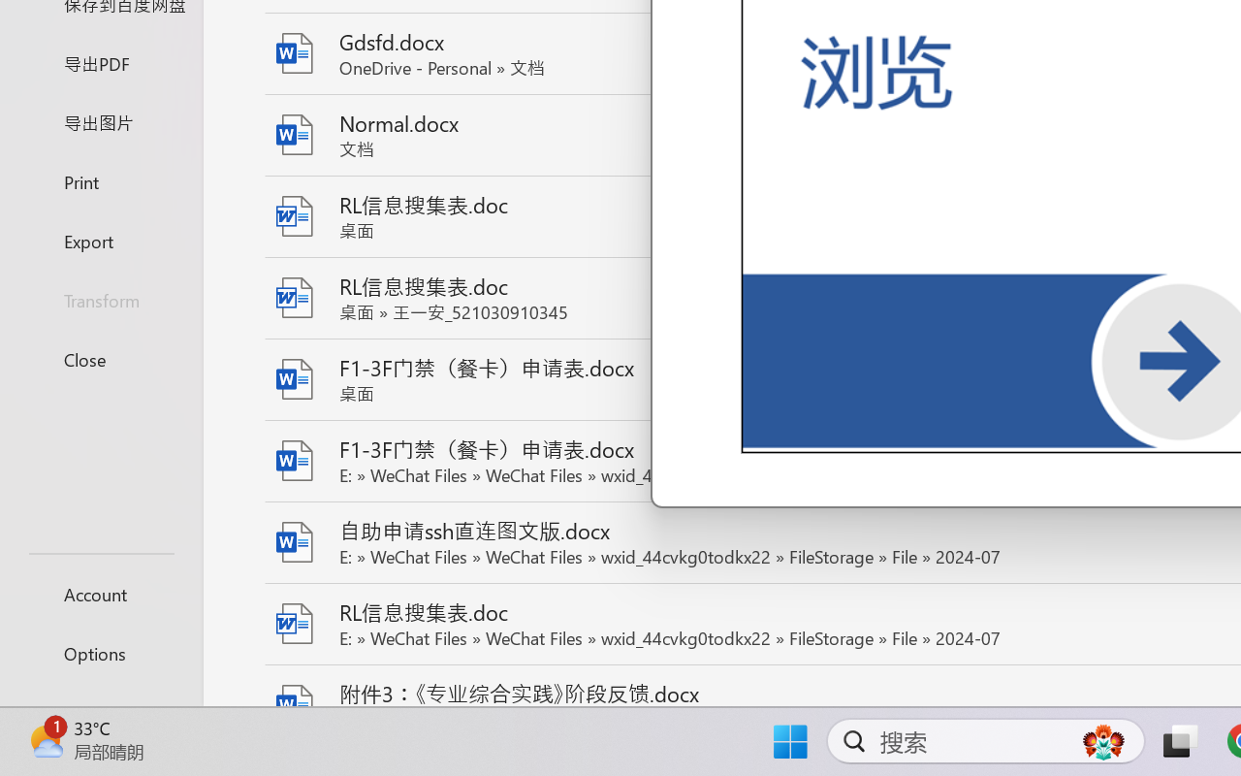 The width and height of the screenshot is (1241, 776). Describe the element at coordinates (100, 240) in the screenshot. I see `'Export'` at that location.